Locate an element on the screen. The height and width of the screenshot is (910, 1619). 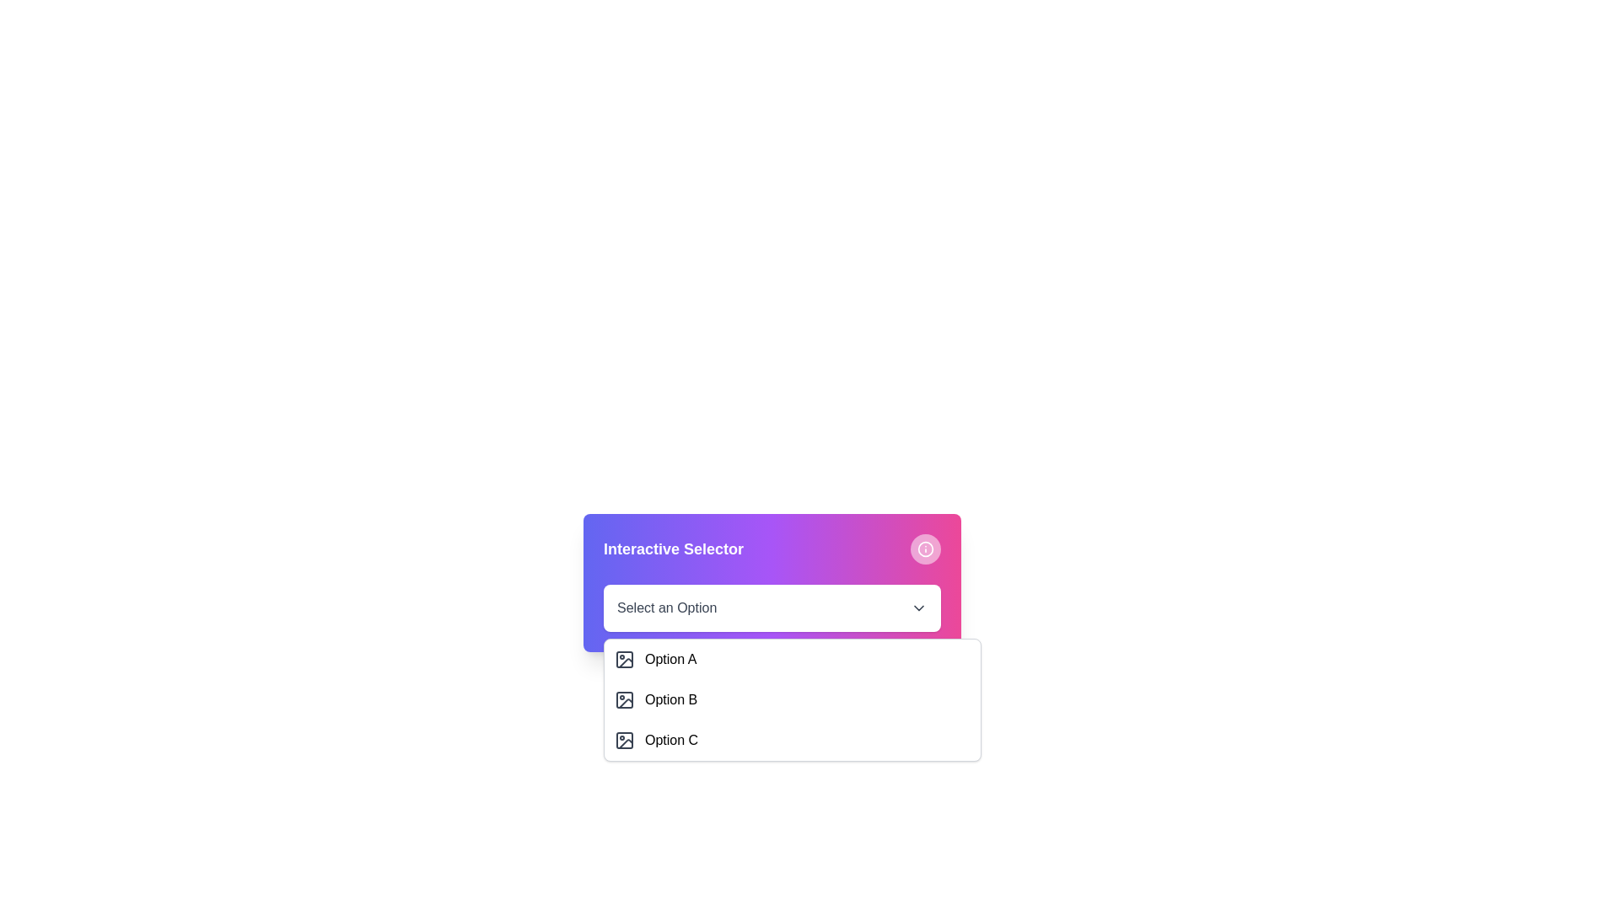
the 'Option C' graphic SVG icon located is located at coordinates (625, 743).